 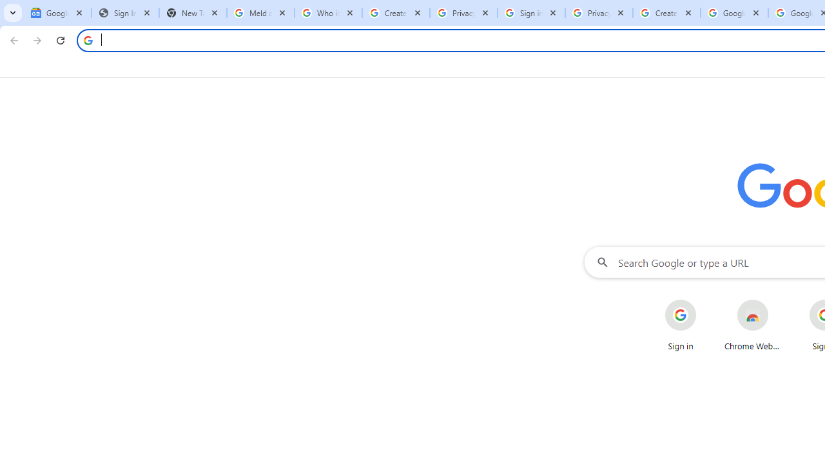 I want to click on 'More actions for Sign in shortcut', so click(x=705, y=300).